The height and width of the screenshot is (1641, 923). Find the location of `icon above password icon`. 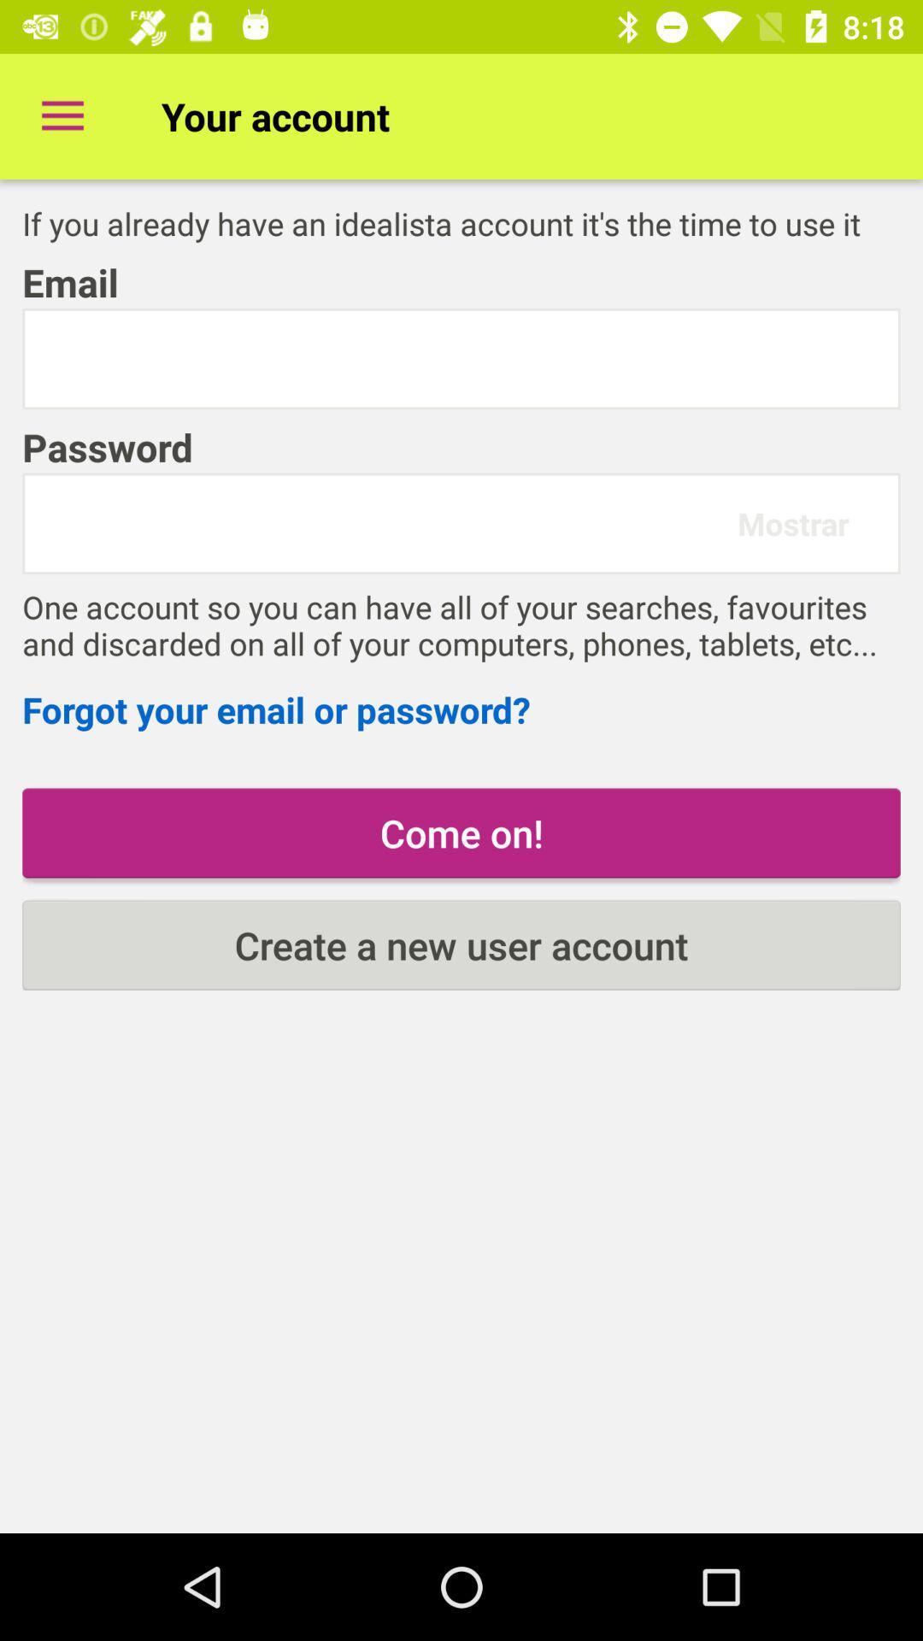

icon above password icon is located at coordinates (461, 358).